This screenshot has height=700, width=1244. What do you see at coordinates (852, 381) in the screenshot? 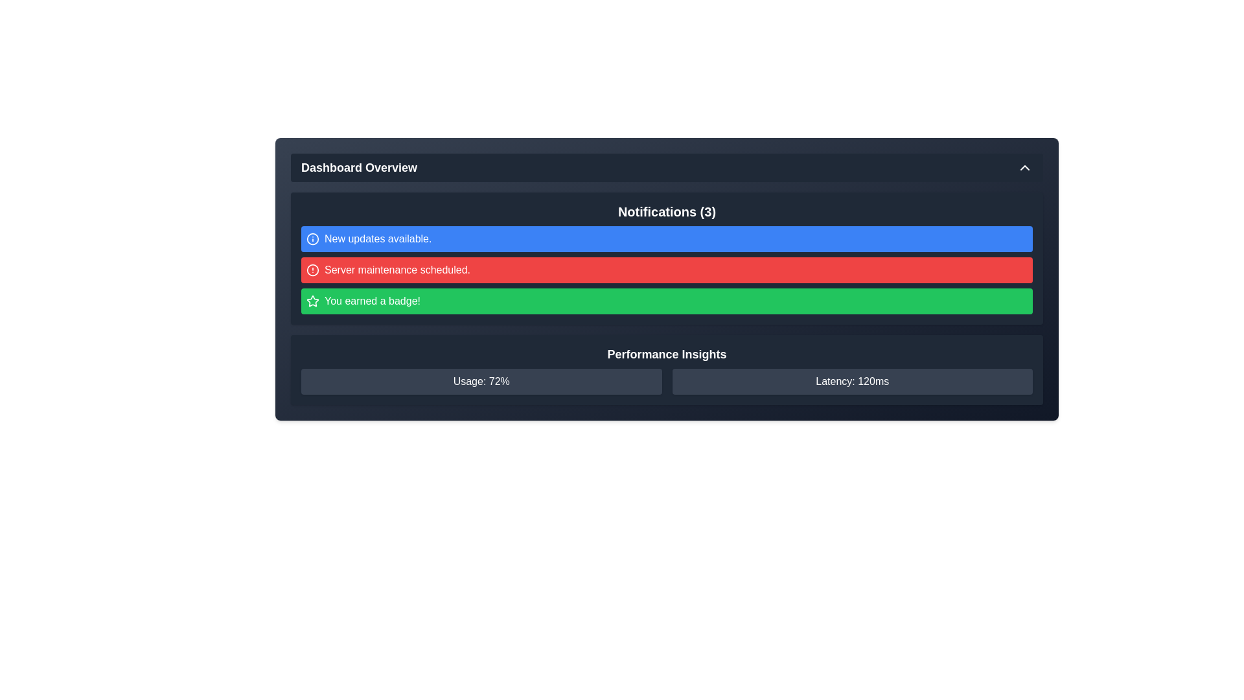
I see `latency value displayed in the Text Label with dark gray background showing 'Latency: 120ms' in white text, located in the 'Performance Insights' section, to the right of the 'Usage: 72%' element` at bounding box center [852, 381].